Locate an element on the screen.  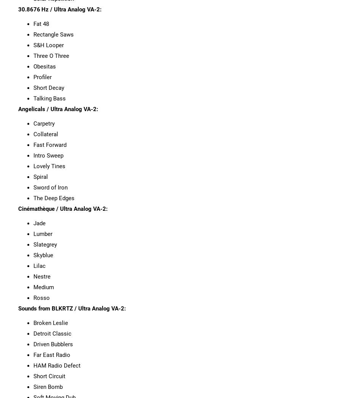
'Nestre' is located at coordinates (41, 276).